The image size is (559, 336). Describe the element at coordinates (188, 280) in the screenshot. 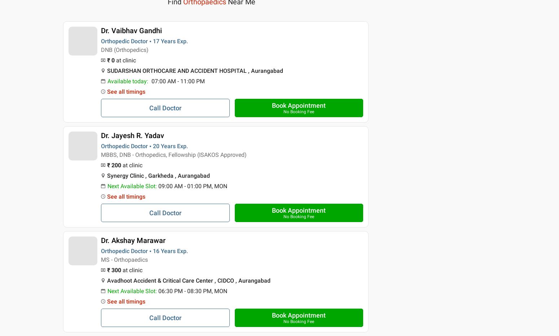

I see `'Avadhoot Accident & Critical Care Center , CIDCO , Aurangabad'` at that location.